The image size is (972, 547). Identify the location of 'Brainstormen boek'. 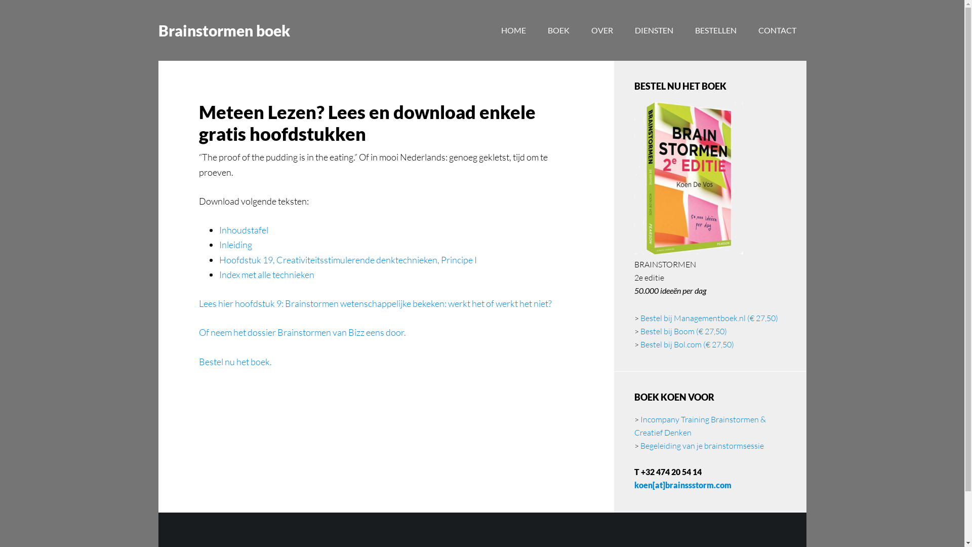
(223, 30).